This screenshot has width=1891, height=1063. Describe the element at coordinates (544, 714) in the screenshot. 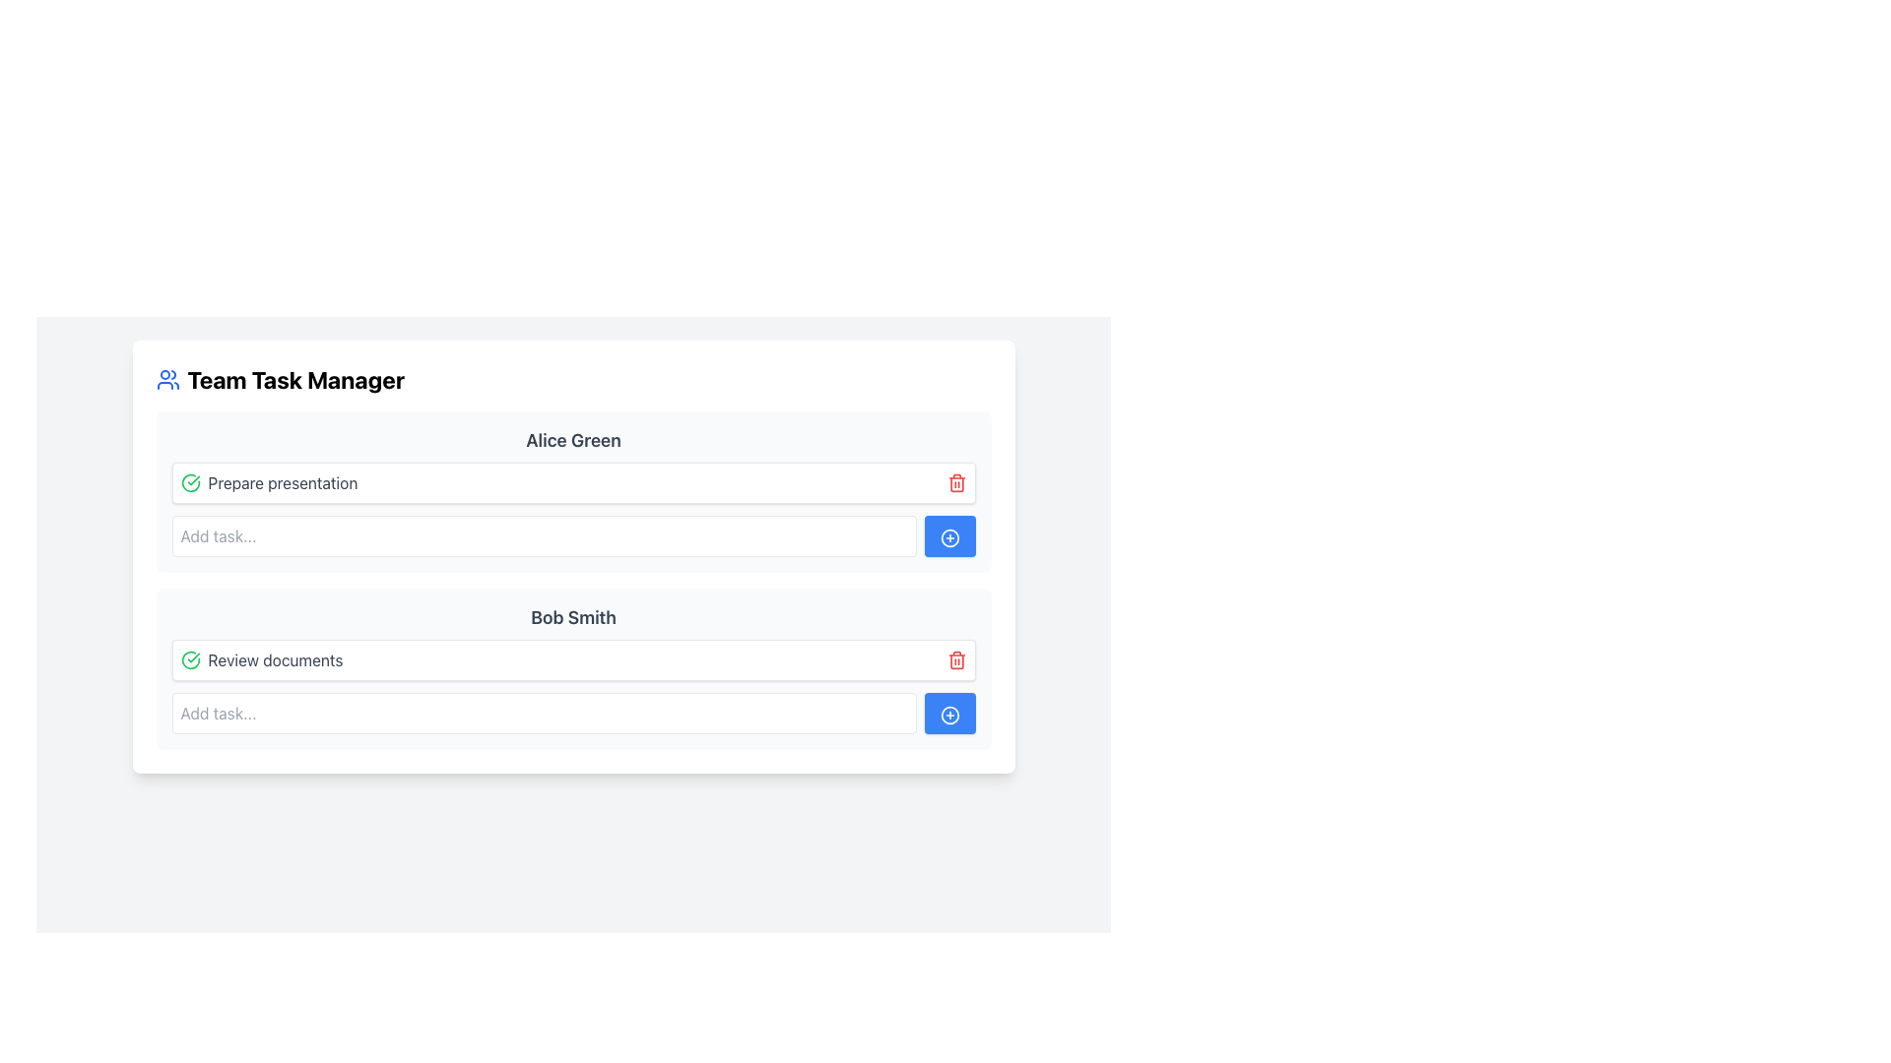

I see `the text input field located under the 'Bob Smith' section with the placeholder text 'Add task...'` at that location.